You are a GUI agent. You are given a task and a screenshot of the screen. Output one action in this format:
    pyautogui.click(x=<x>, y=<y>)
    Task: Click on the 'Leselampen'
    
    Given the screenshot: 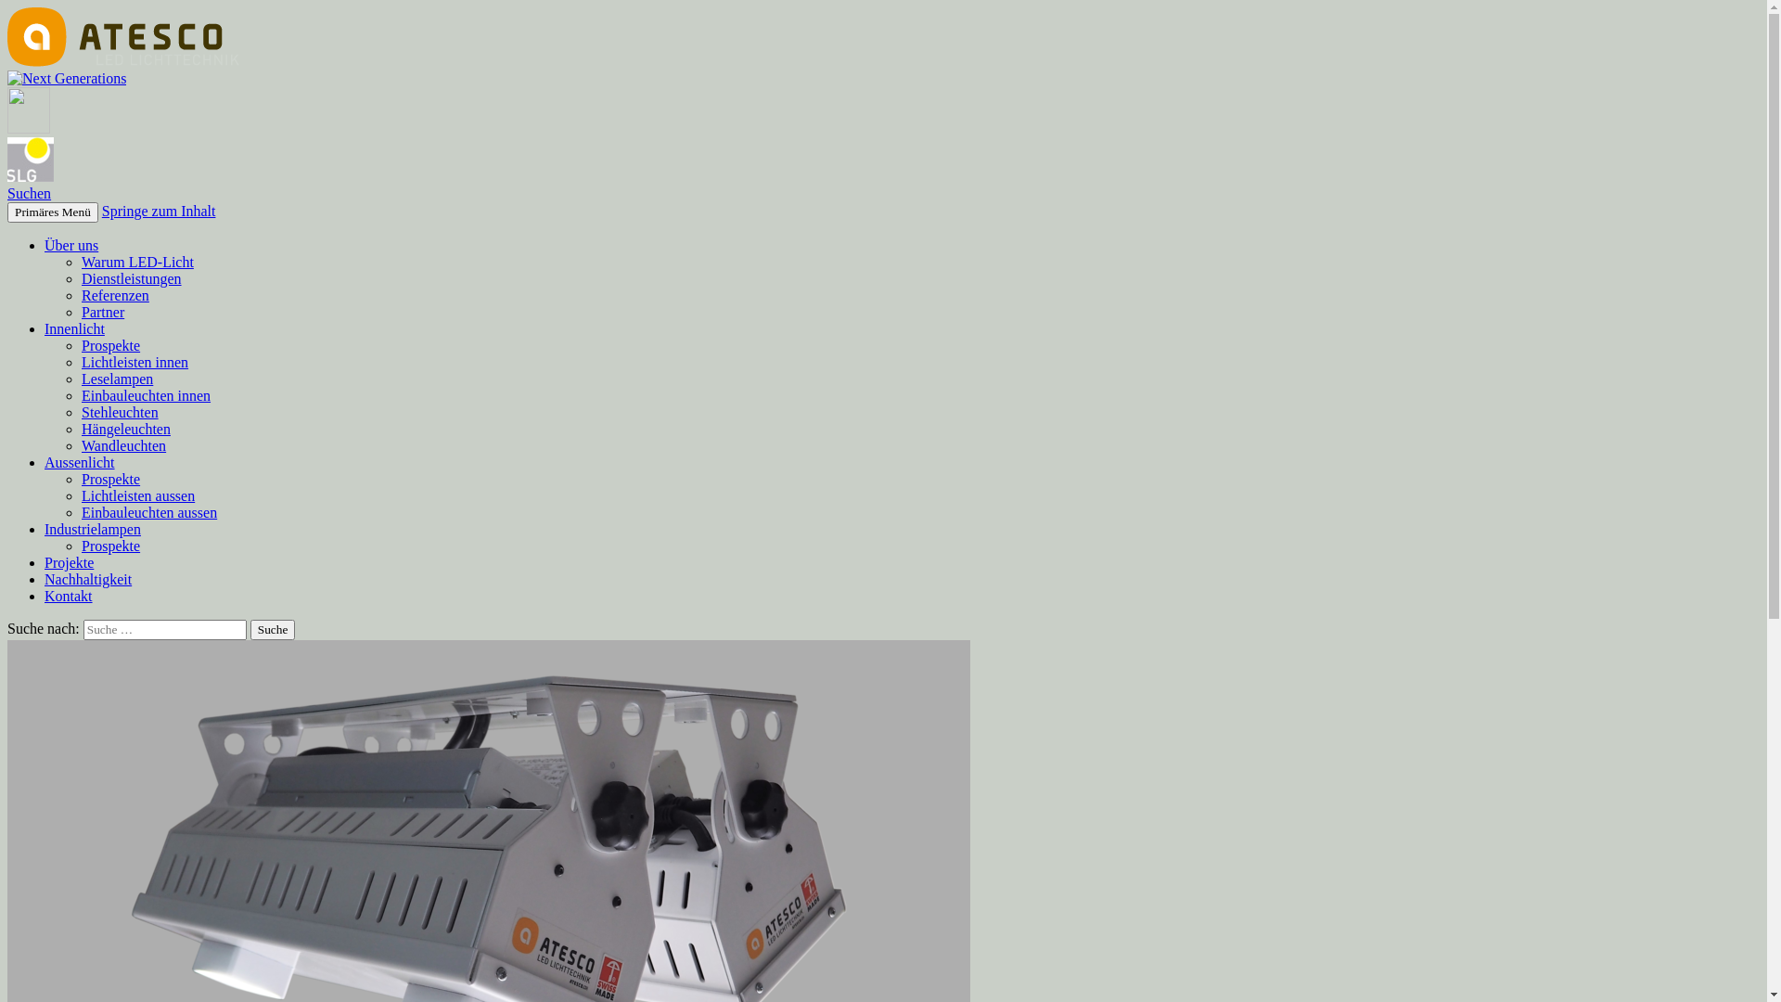 What is the action you would take?
    pyautogui.click(x=116, y=378)
    